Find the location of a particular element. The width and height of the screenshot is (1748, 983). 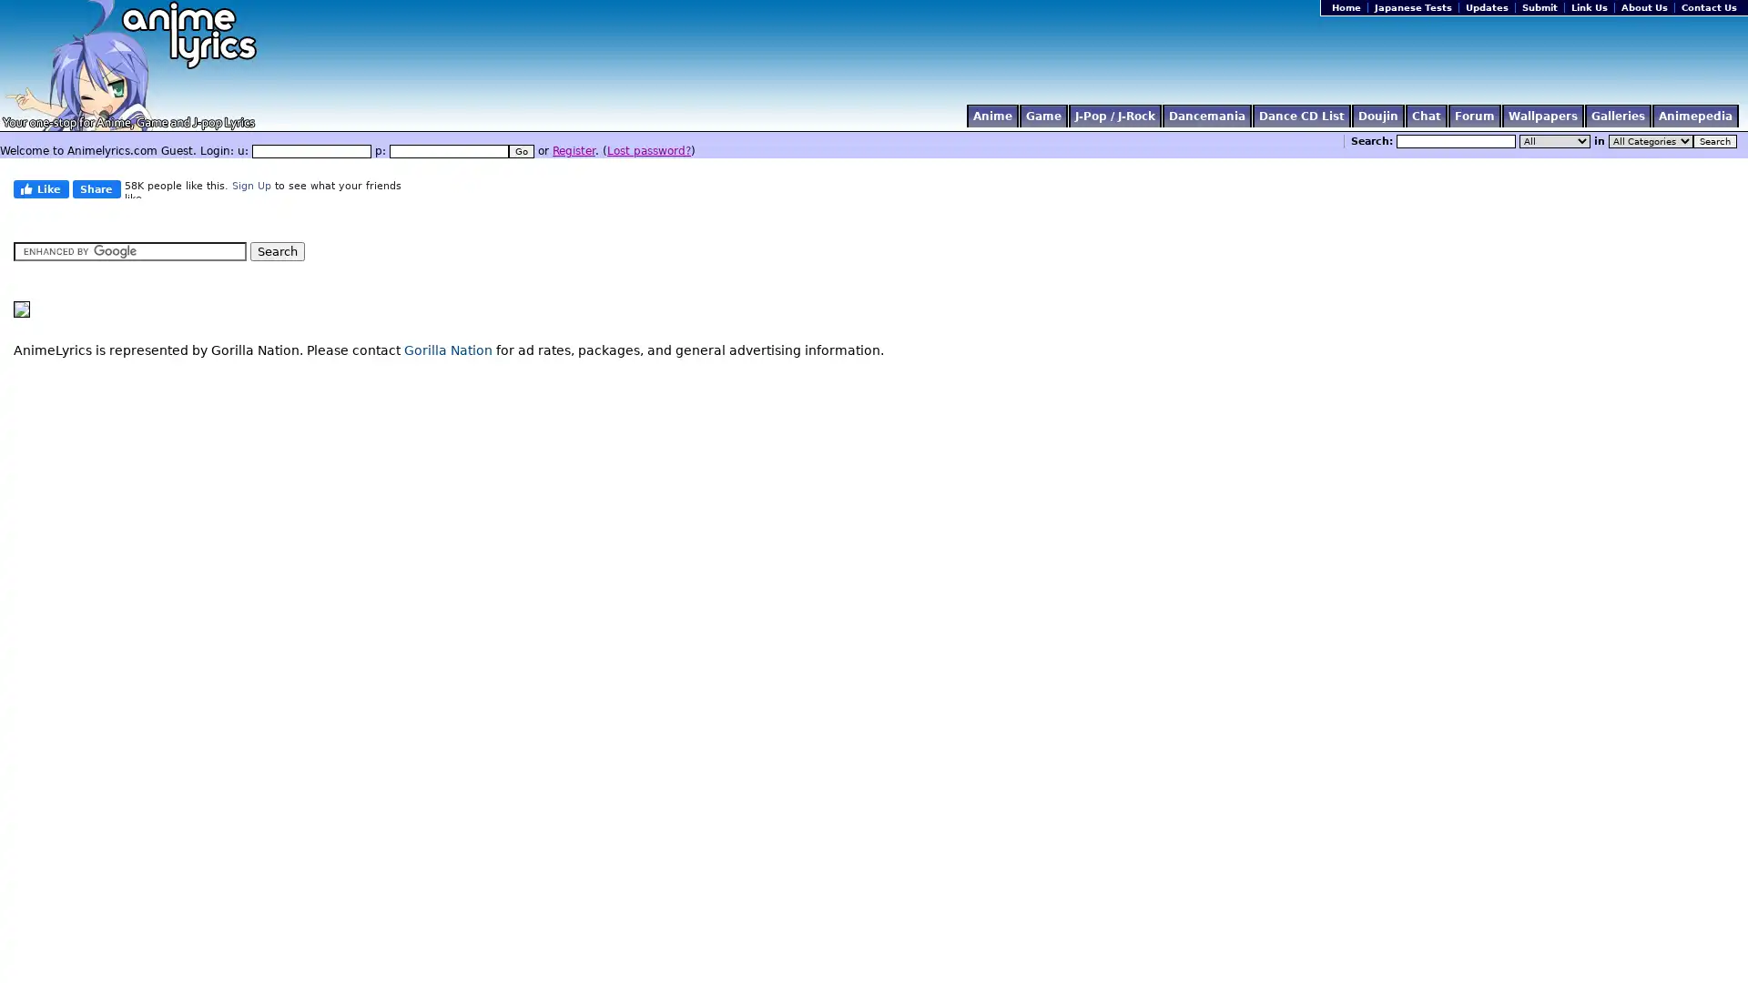

Search is located at coordinates (277, 251).